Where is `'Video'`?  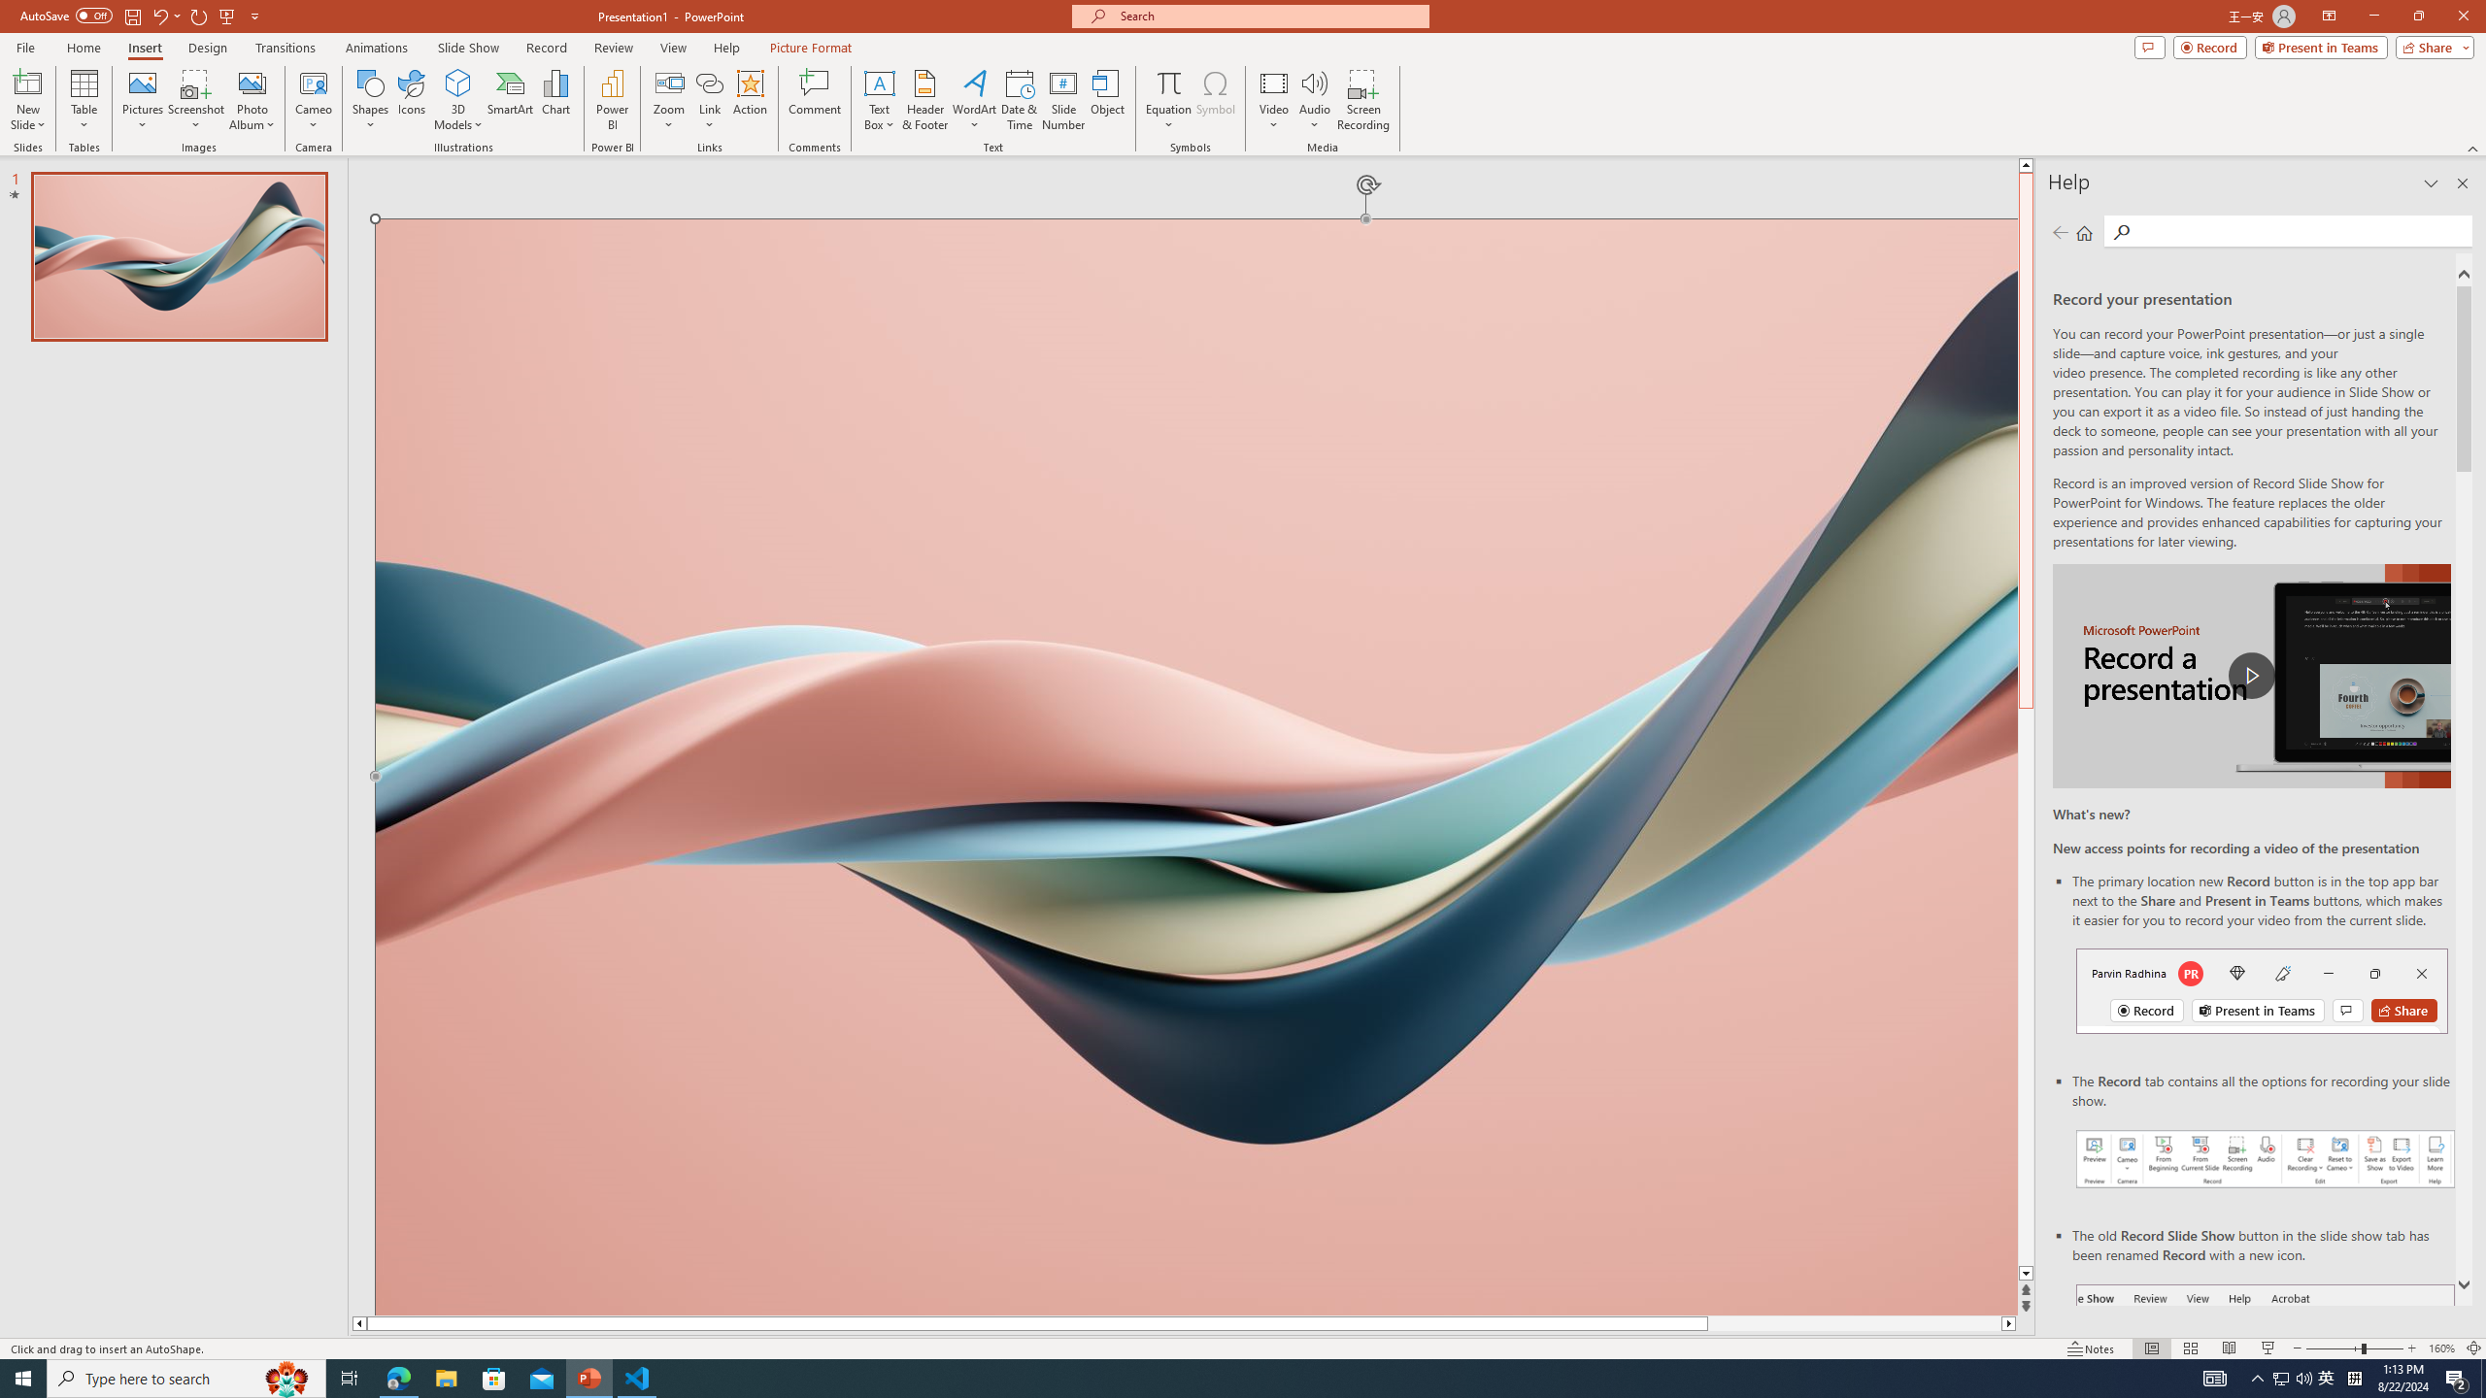 'Video' is located at coordinates (1274, 100).